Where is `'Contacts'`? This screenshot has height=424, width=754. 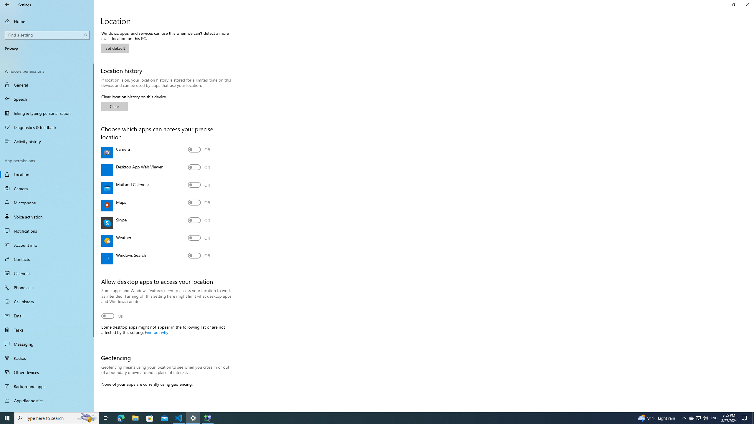
'Contacts' is located at coordinates (47, 259).